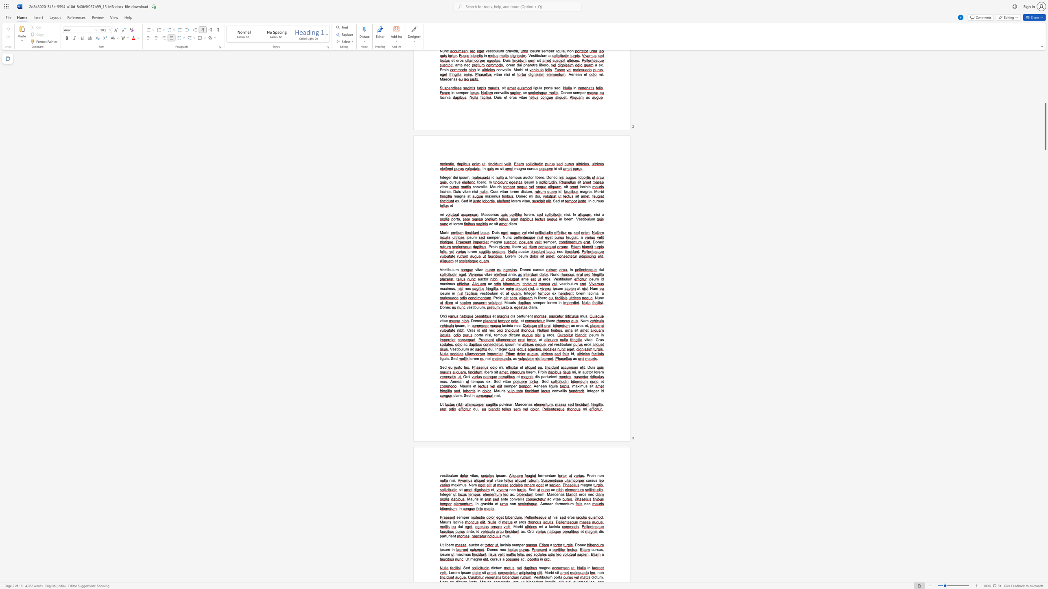 Image resolution: width=1048 pixels, height=589 pixels. What do you see at coordinates (471, 330) in the screenshot?
I see `the space between the continuous character "r" and "a" in the text` at bounding box center [471, 330].